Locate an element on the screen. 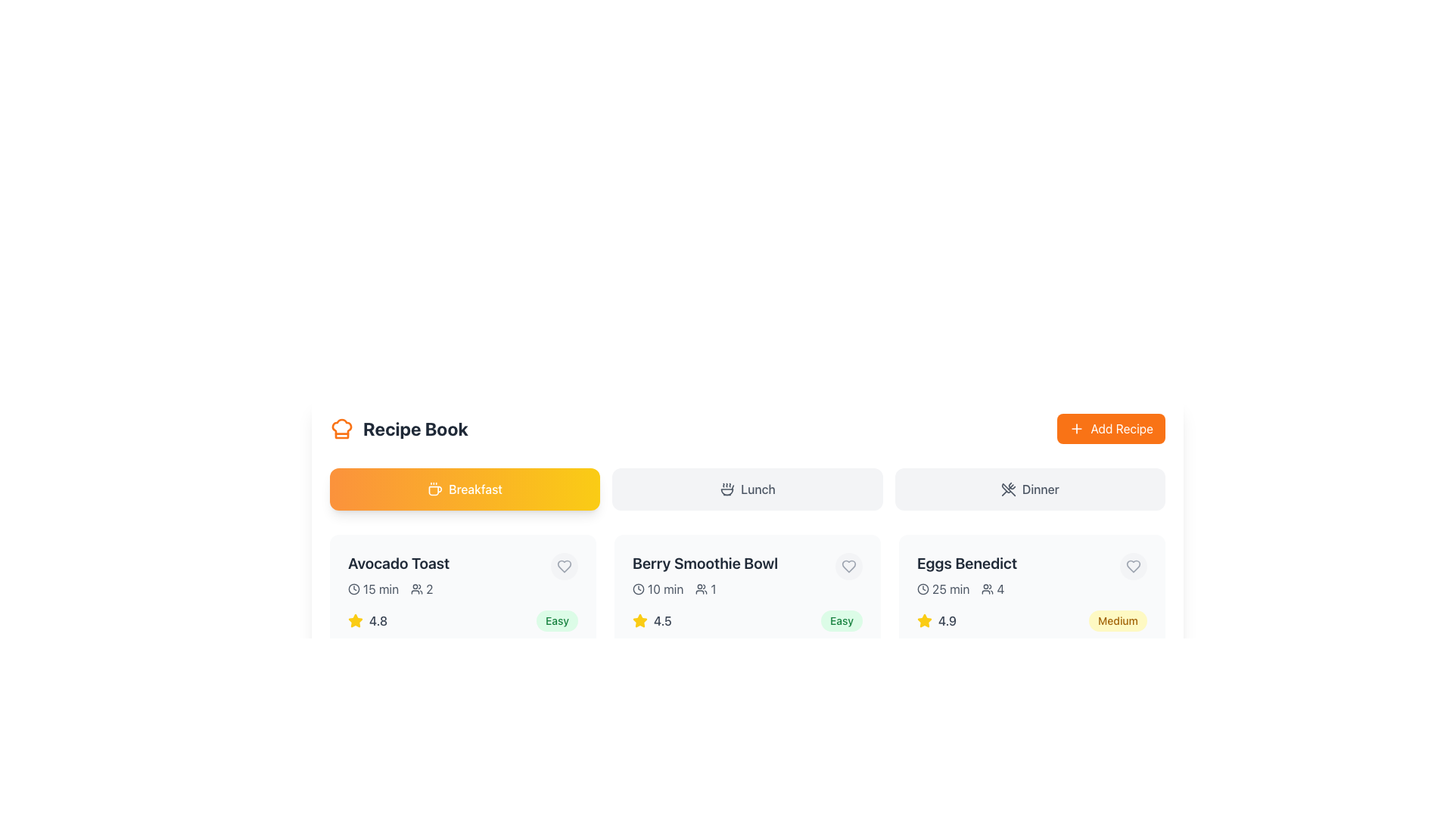 The height and width of the screenshot is (817, 1453). the heart-shaped icon button located in the top-right corner of the card labeled 'Eggs Benedict' to like or unlike it is located at coordinates (1133, 566).